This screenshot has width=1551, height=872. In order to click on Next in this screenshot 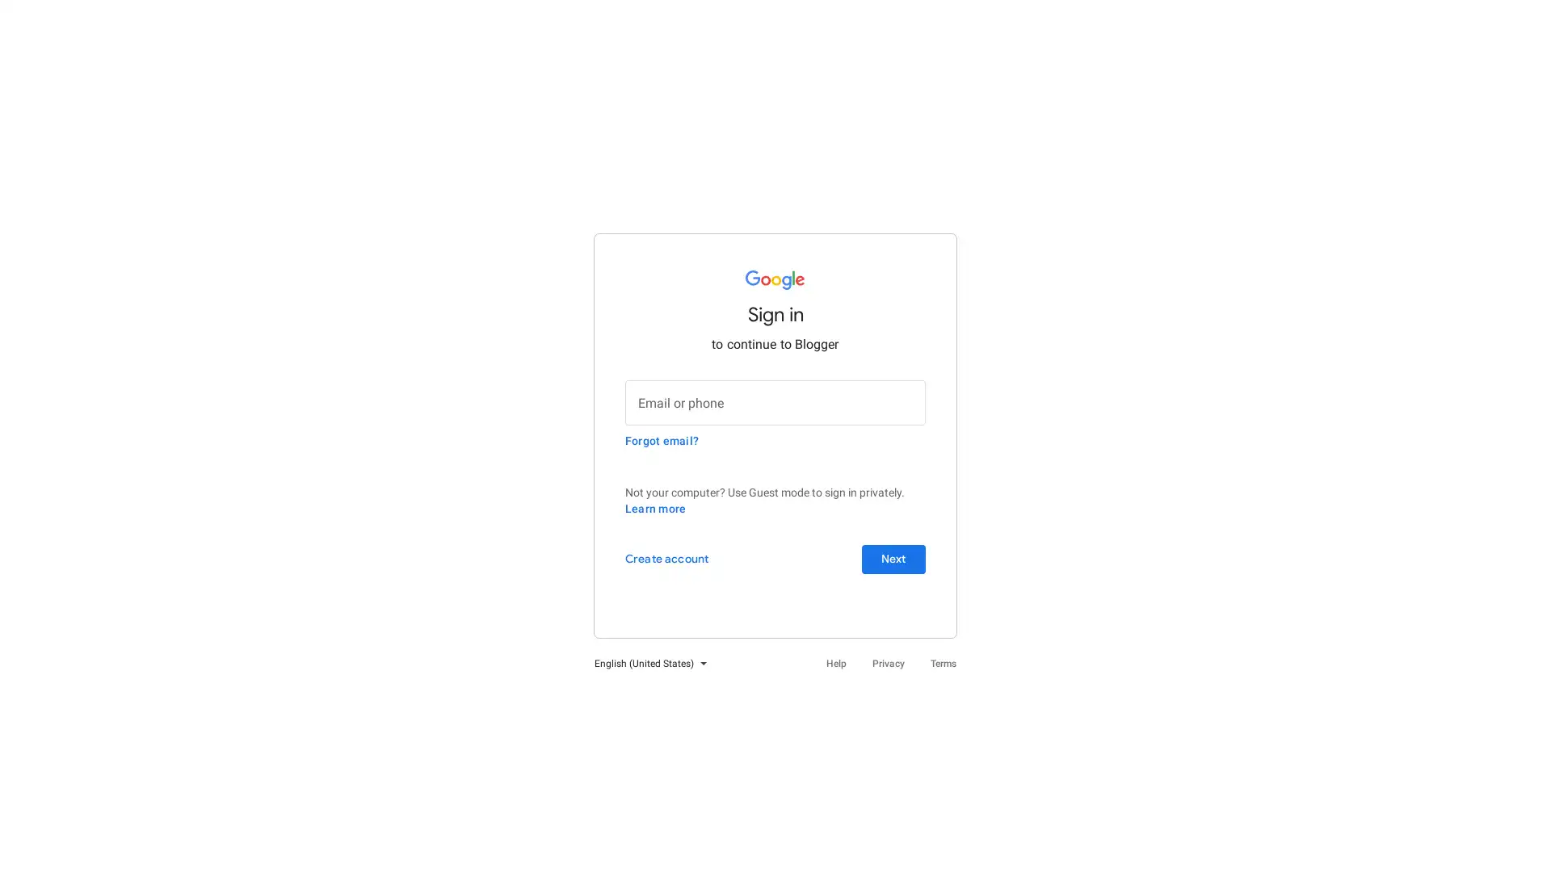, I will do `click(891, 560)`.